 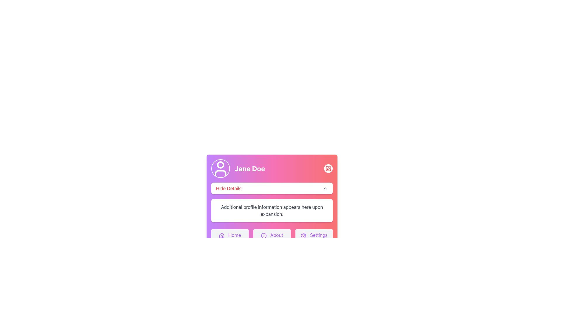 What do you see at coordinates (272, 188) in the screenshot?
I see `the 'Hide Details' button, which is a rectangular button with rounded corners and a white background, featuring red text aligned to the left and an upward-pointing arrow icon for toggle functionality` at bounding box center [272, 188].